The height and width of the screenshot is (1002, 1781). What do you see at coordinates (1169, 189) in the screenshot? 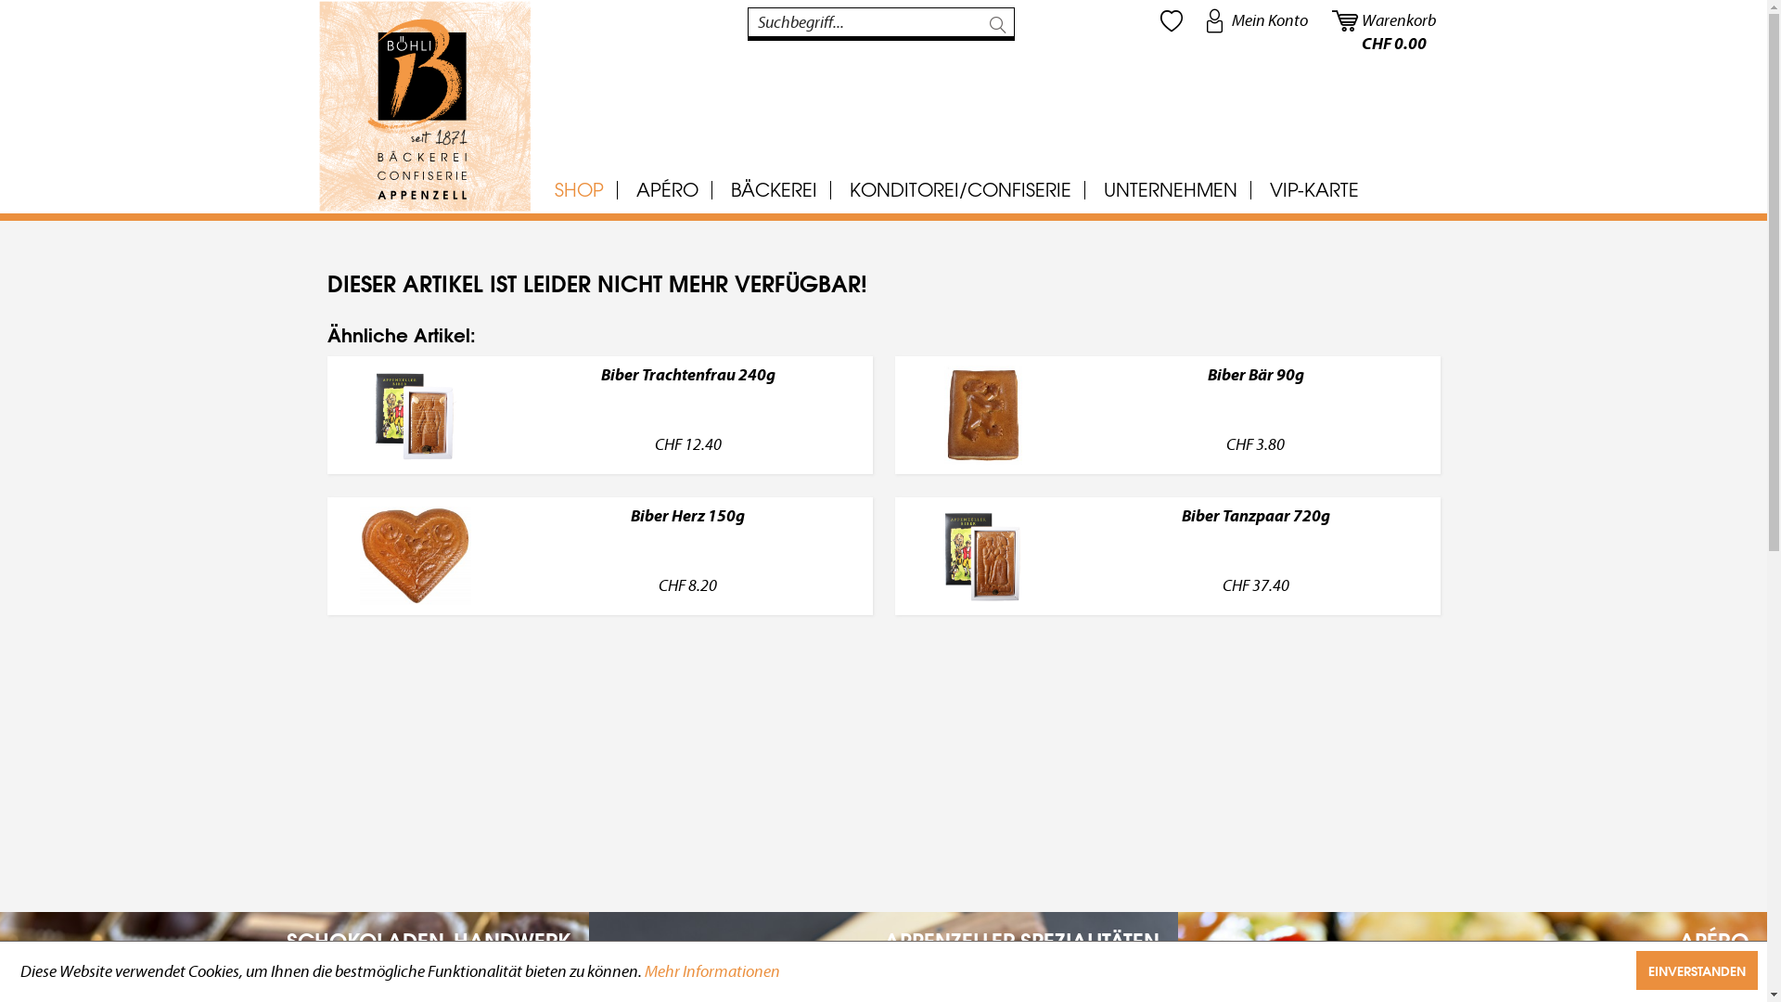
I see `'UNTERNEHMEN'` at bounding box center [1169, 189].